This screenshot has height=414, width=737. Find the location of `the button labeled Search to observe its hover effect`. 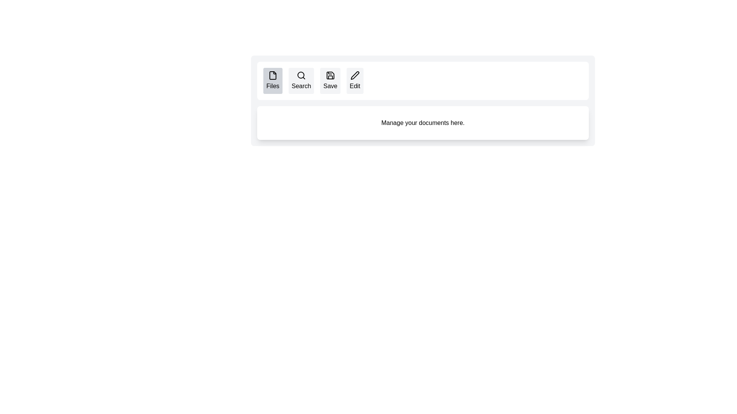

the button labeled Search to observe its hover effect is located at coordinates (301, 81).